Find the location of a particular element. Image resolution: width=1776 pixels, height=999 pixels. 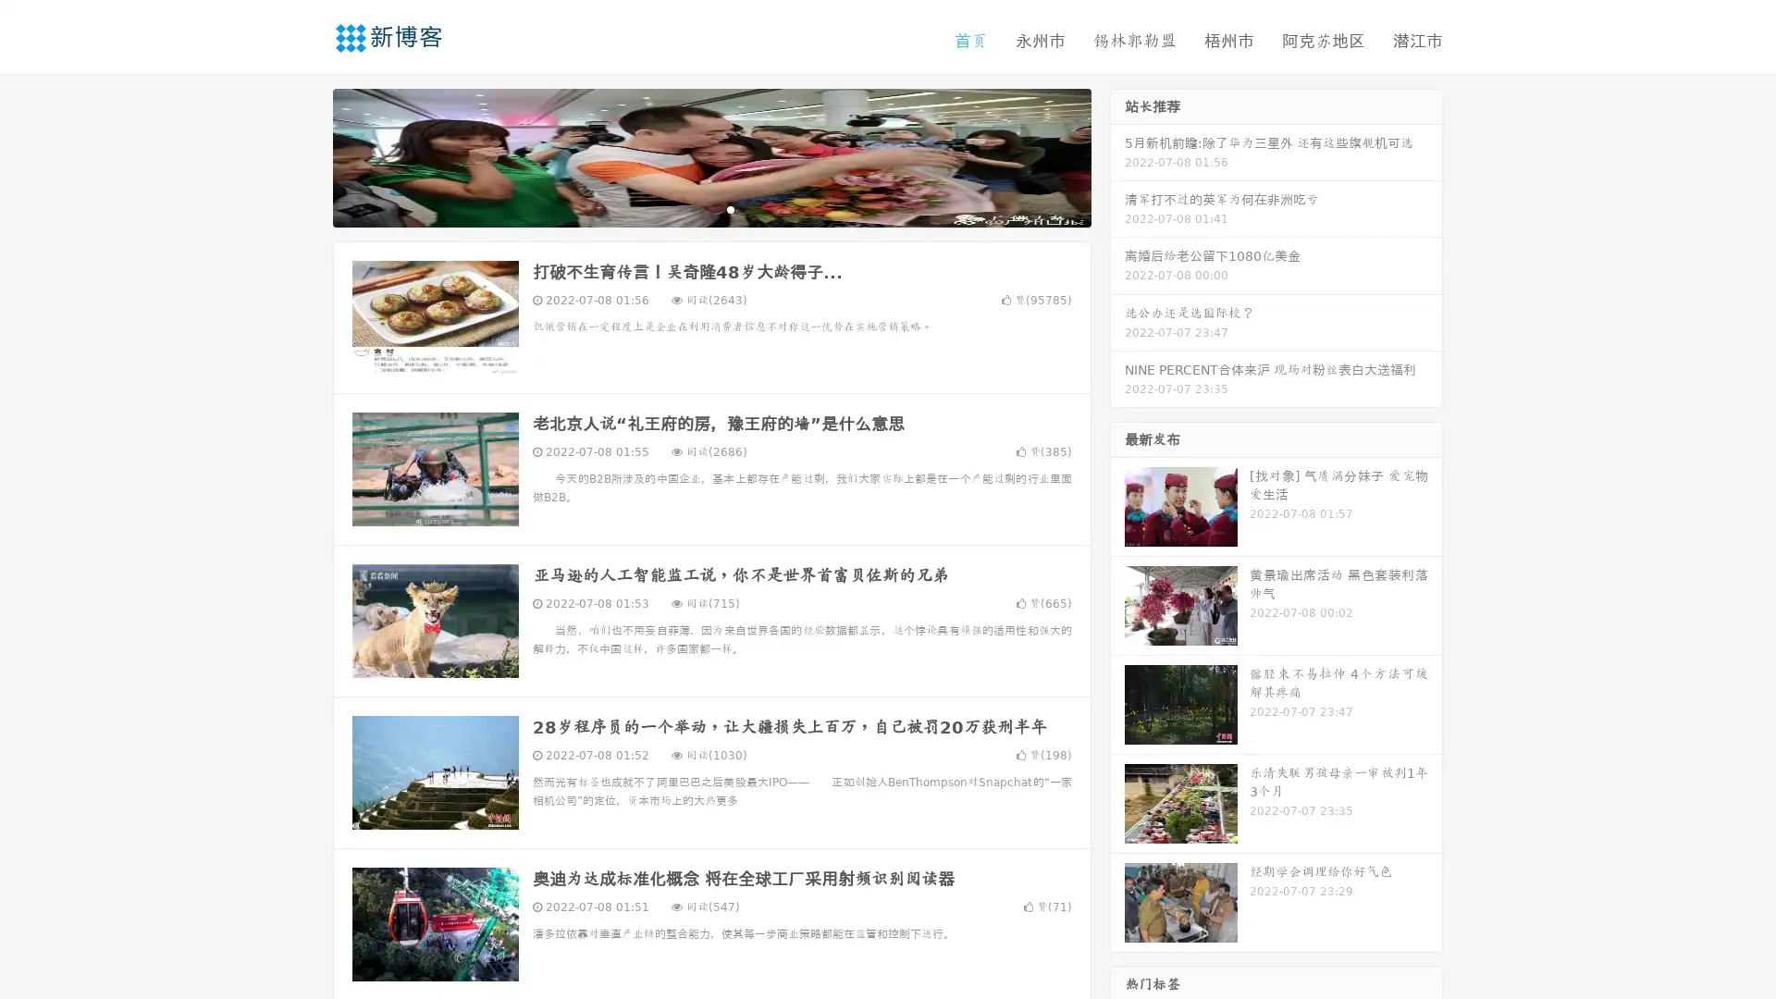

Next slide is located at coordinates (1117, 155).